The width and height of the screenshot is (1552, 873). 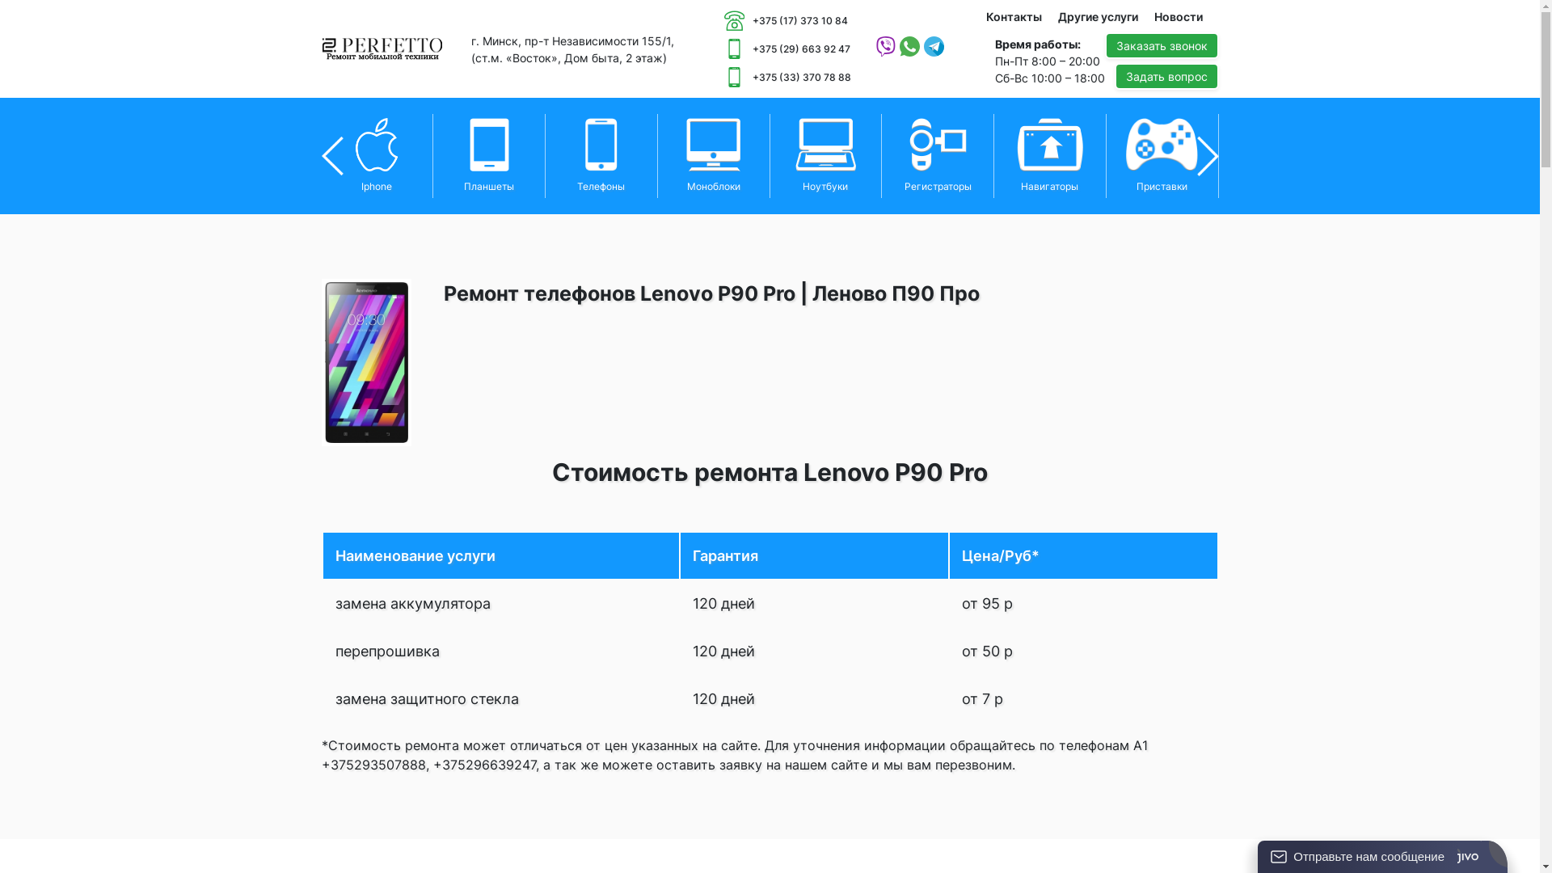 What do you see at coordinates (787, 48) in the screenshot?
I see `'+375 (29) 663 92 47'` at bounding box center [787, 48].